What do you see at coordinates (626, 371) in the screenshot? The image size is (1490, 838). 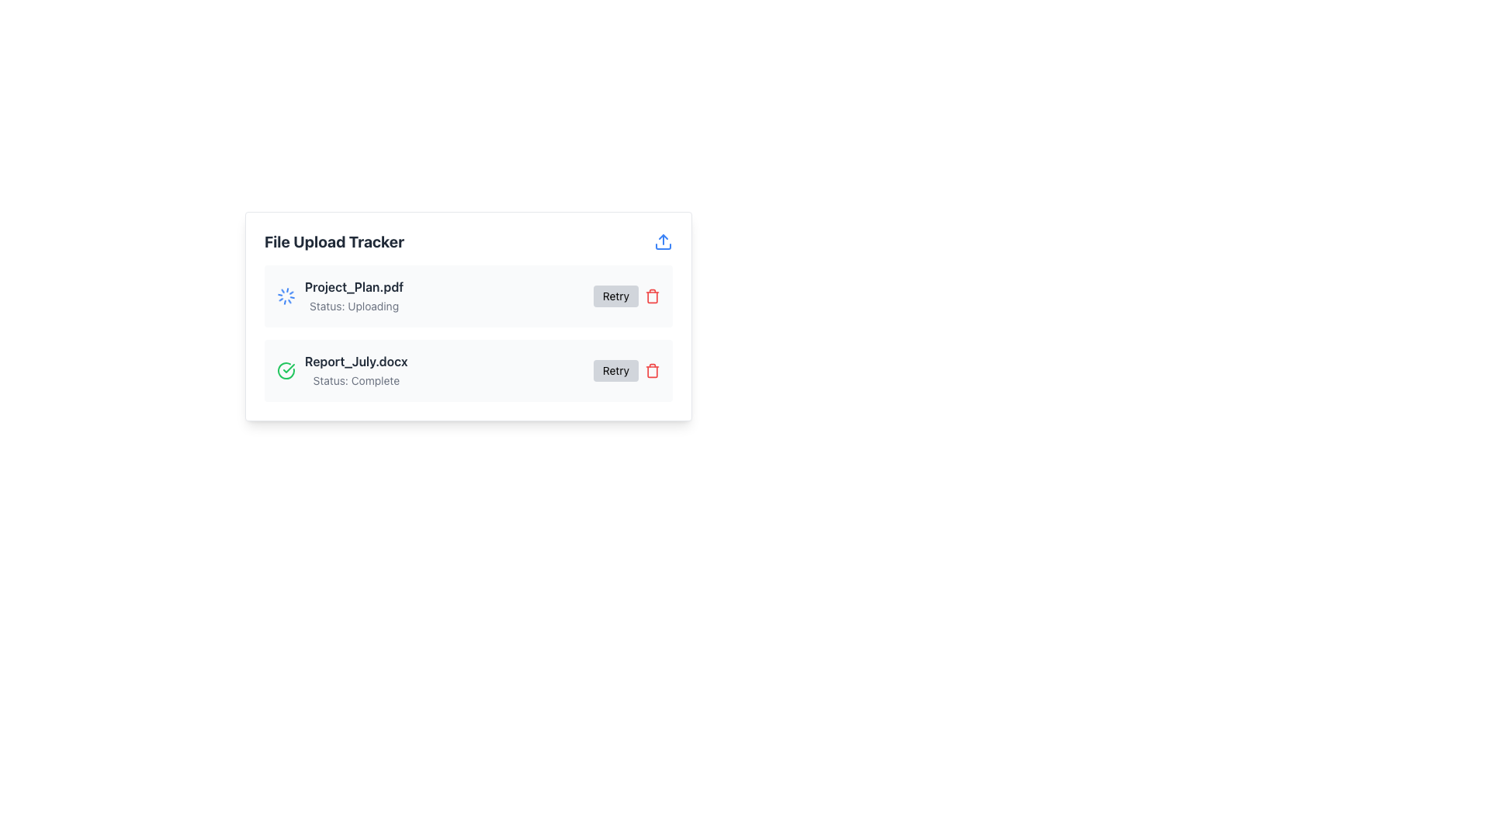 I see `the 'Retry' button, which is light-gray with rounded corners and located in the 'File Upload Tracker' interface, to observe the hover effect` at bounding box center [626, 371].